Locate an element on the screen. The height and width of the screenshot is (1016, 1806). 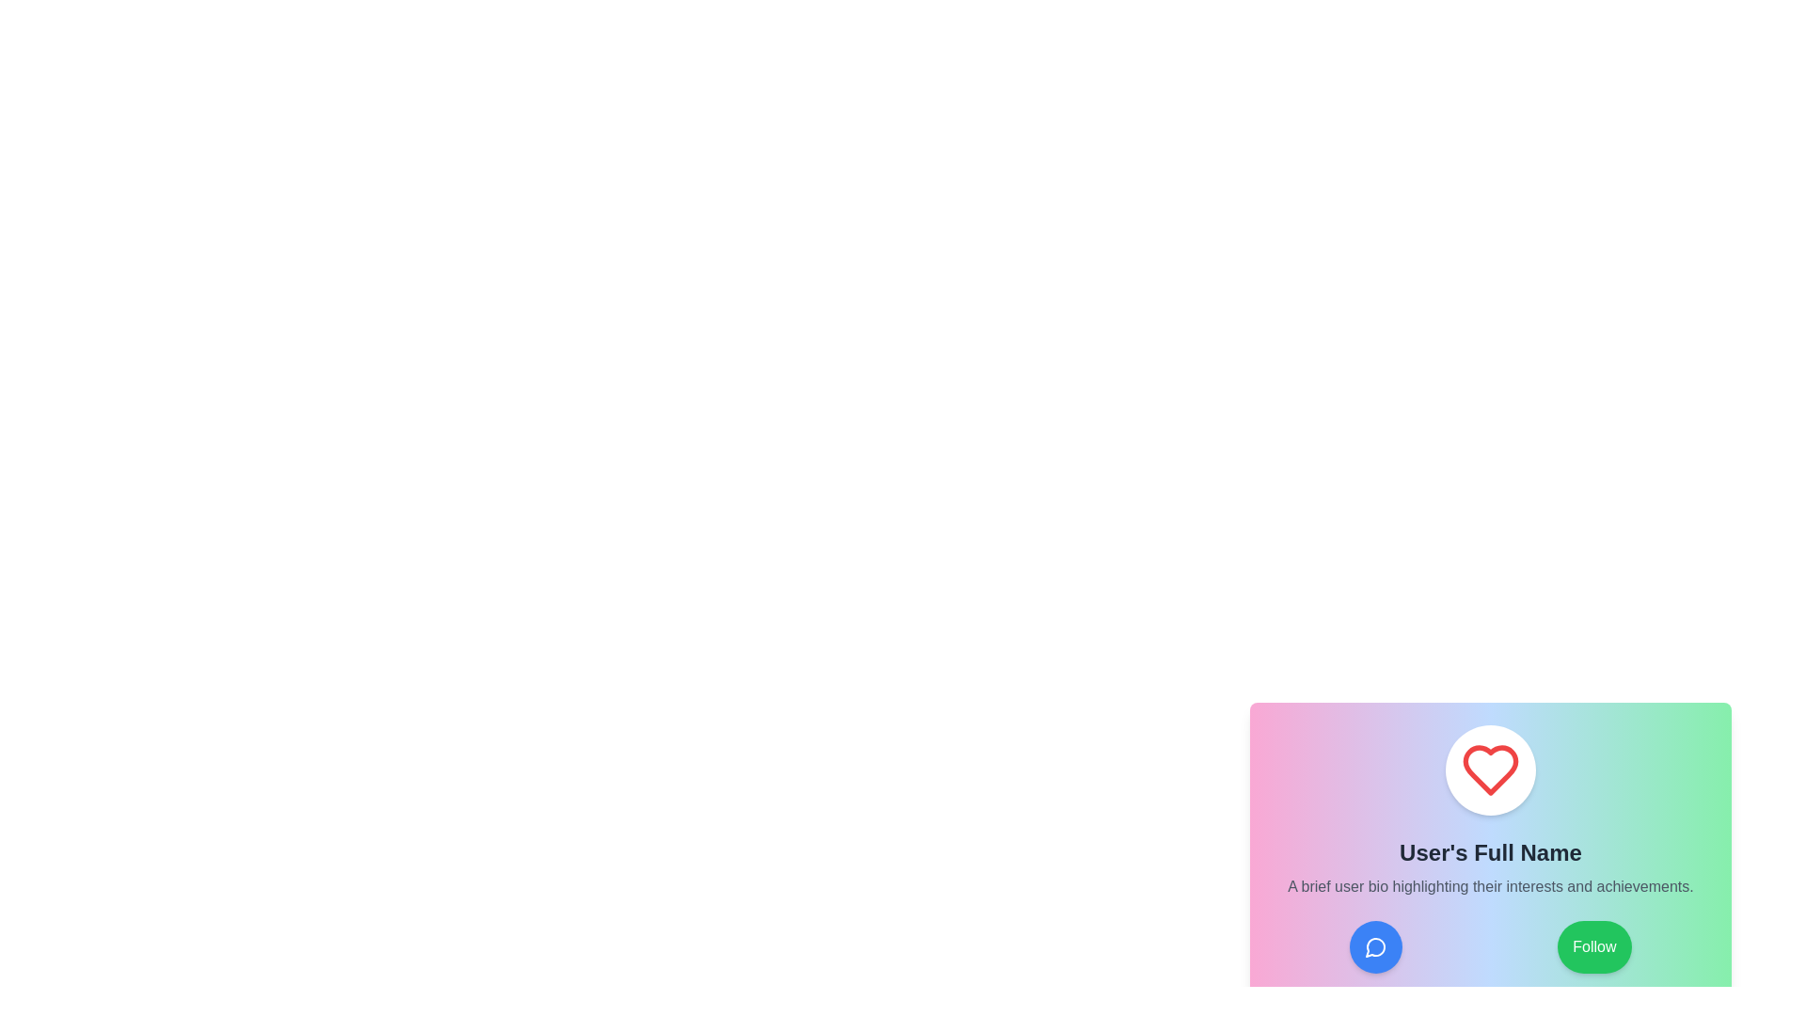
the small speech-bubble-shaped icon outlined in blue with a red fill located on the bottom-left of the user card interface, below the text content and beside the green 'Follow' button is located at coordinates (1375, 947).